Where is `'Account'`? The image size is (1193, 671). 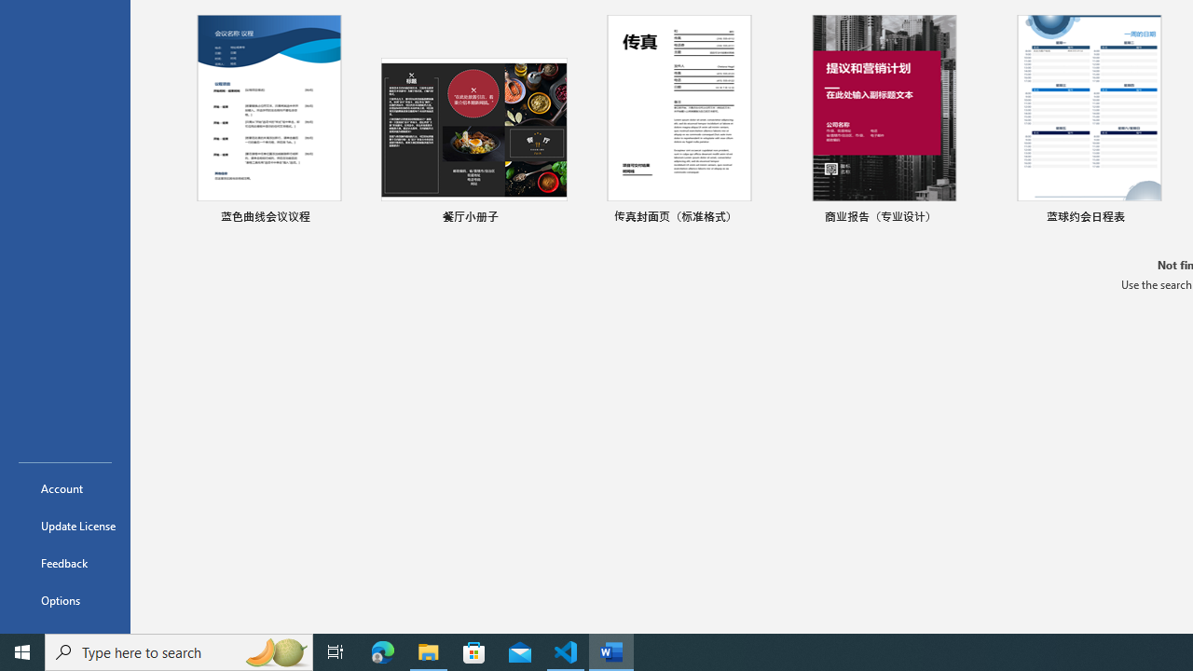
'Account' is located at coordinates (64, 487).